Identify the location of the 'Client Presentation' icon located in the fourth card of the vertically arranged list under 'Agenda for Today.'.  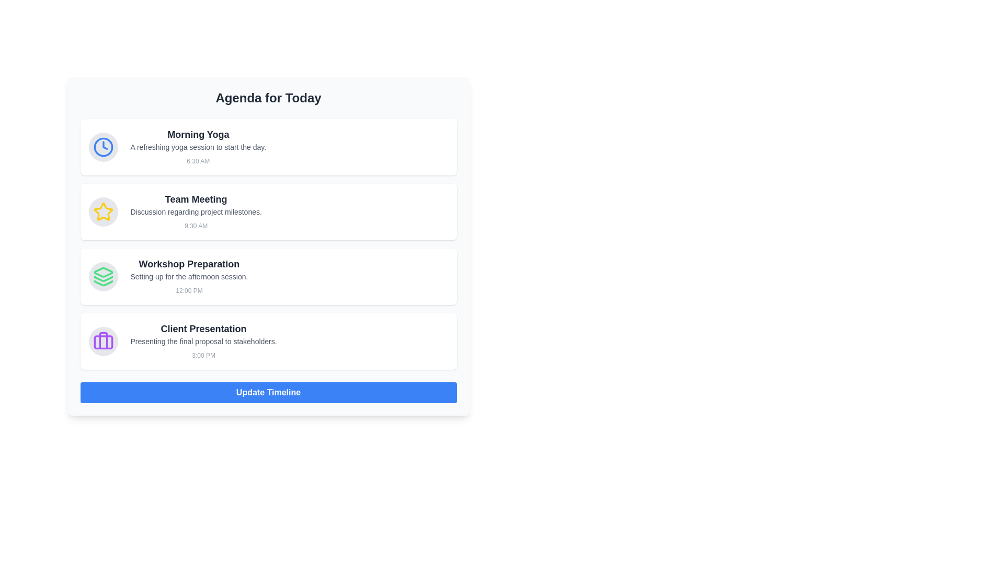
(103, 342).